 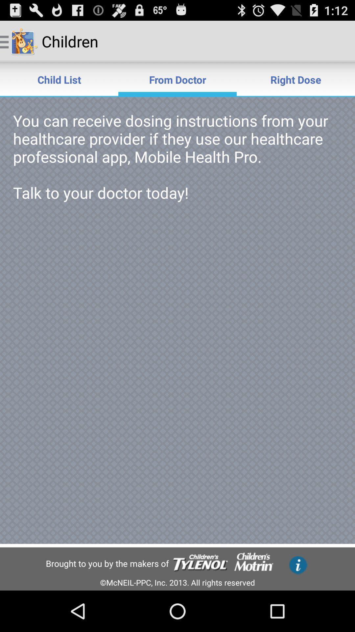 What do you see at coordinates (295, 79) in the screenshot?
I see `the item at the top right corner` at bounding box center [295, 79].